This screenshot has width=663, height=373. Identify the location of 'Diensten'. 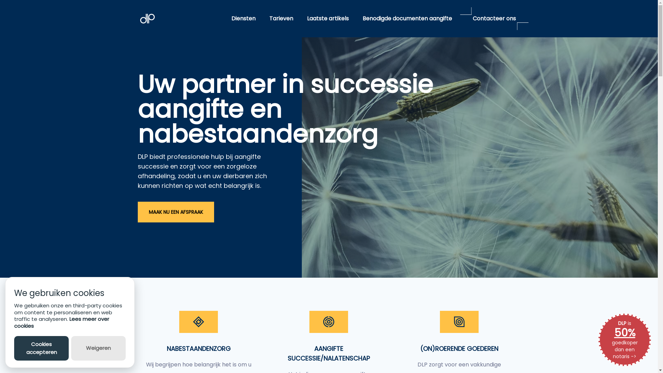
(243, 18).